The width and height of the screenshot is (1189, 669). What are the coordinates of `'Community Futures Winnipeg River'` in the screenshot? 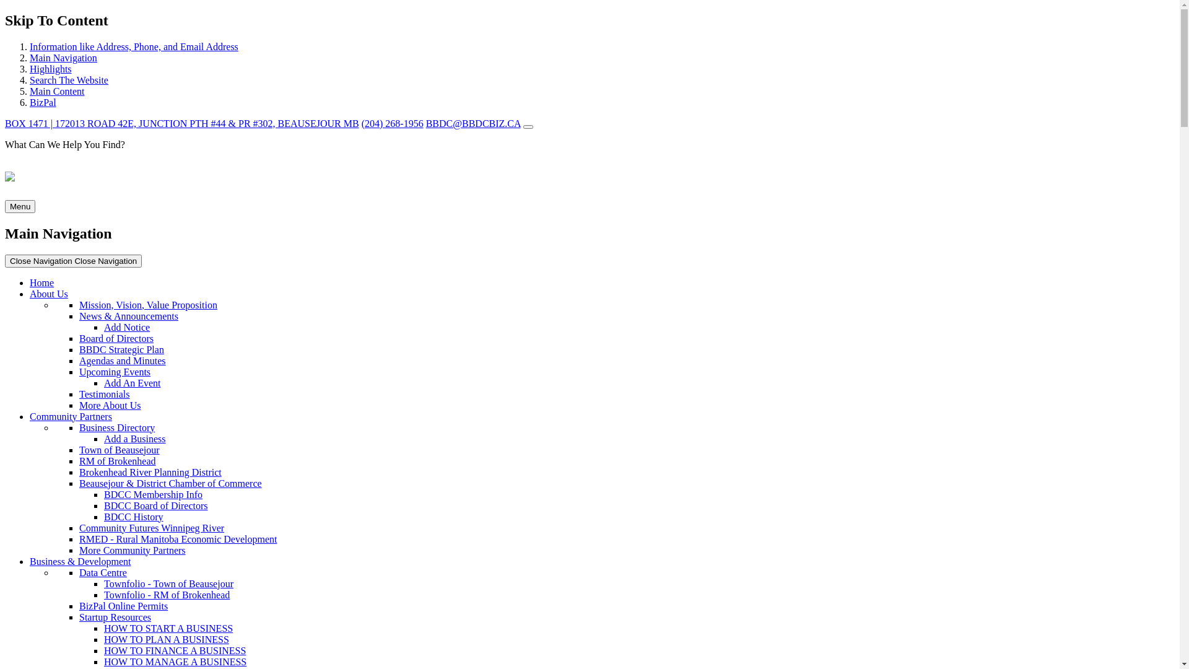 It's located at (150, 528).